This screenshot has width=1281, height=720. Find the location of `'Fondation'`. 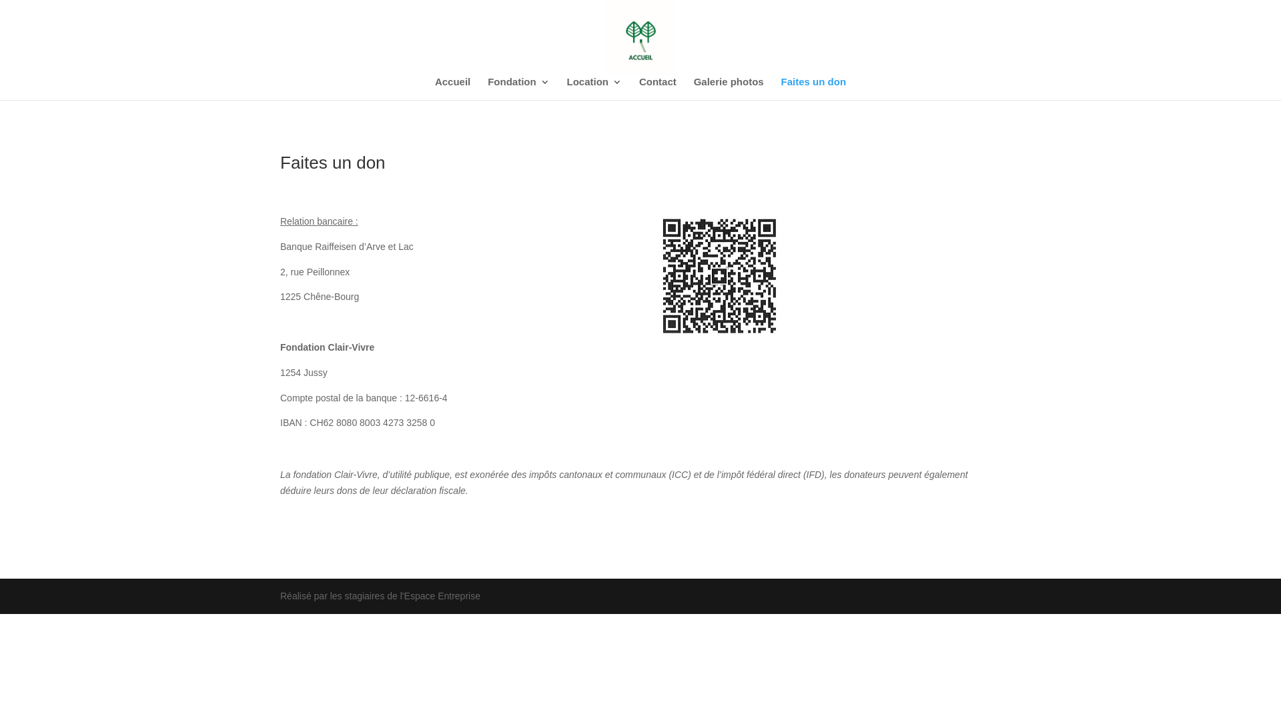

'Fondation' is located at coordinates (518, 88).